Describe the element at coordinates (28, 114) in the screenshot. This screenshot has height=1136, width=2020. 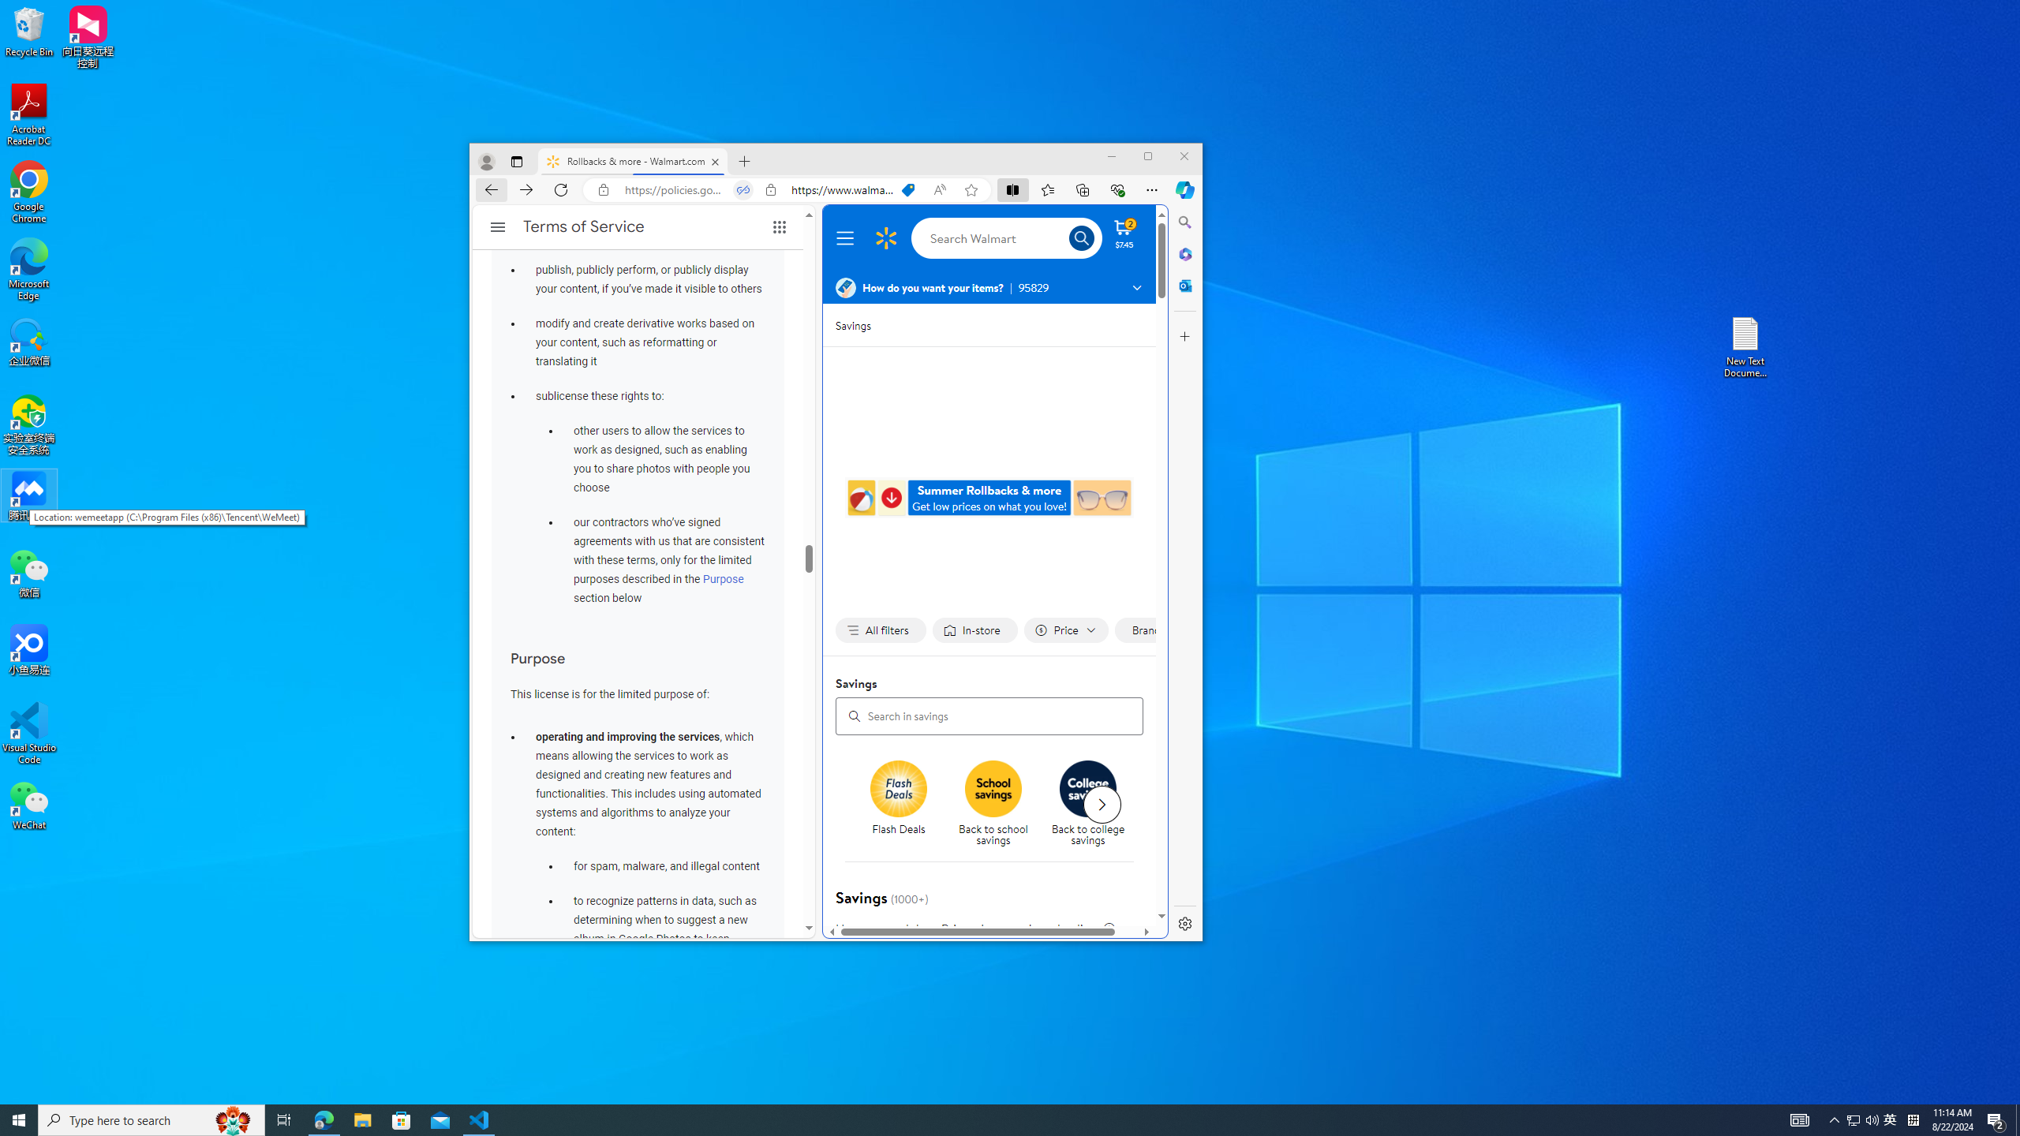
I see `'Acrobat Reader DC'` at that location.